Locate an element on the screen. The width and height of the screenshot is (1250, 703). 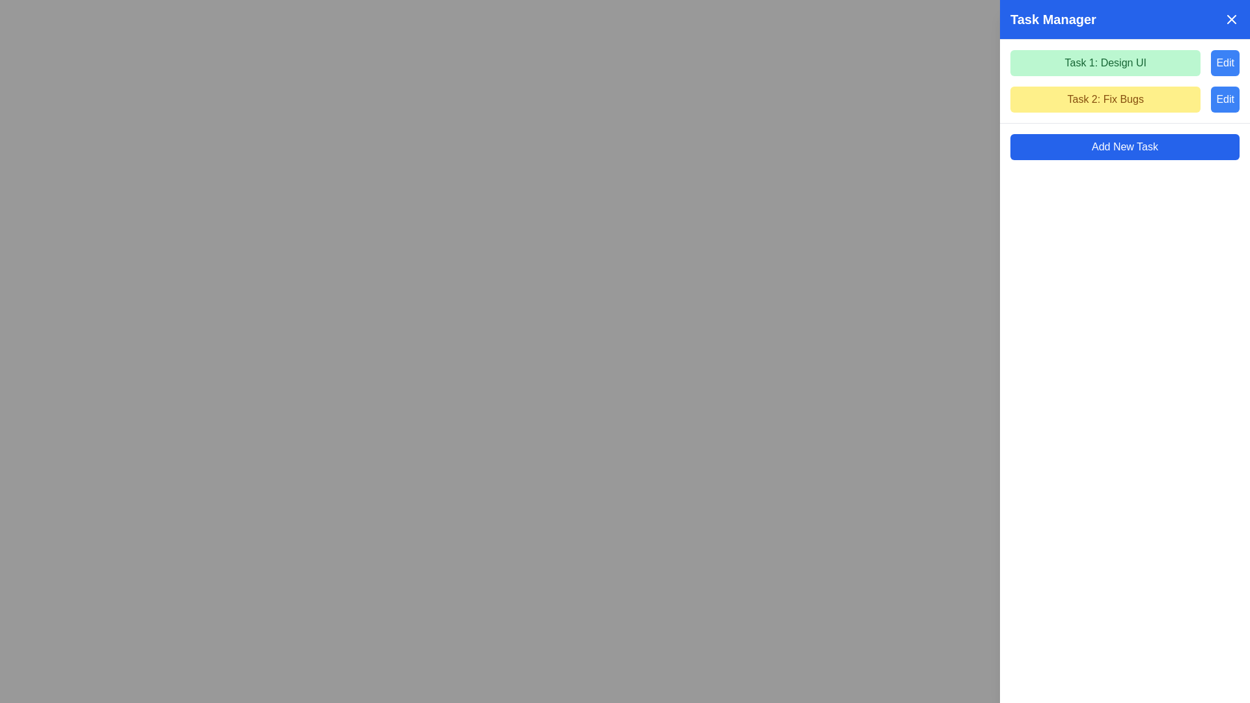
the close button located in the top-right corner of the blue header bar labeled 'Task Manager' is located at coordinates (1230, 20).